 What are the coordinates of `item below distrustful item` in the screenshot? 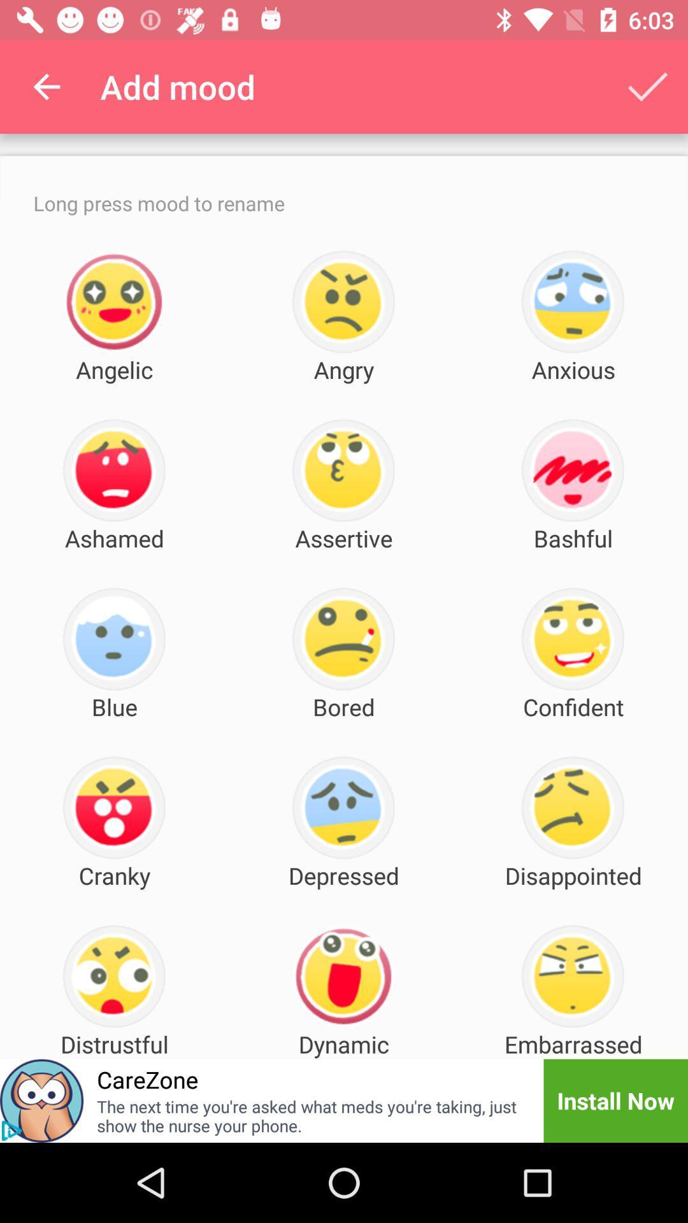 It's located at (41, 1100).